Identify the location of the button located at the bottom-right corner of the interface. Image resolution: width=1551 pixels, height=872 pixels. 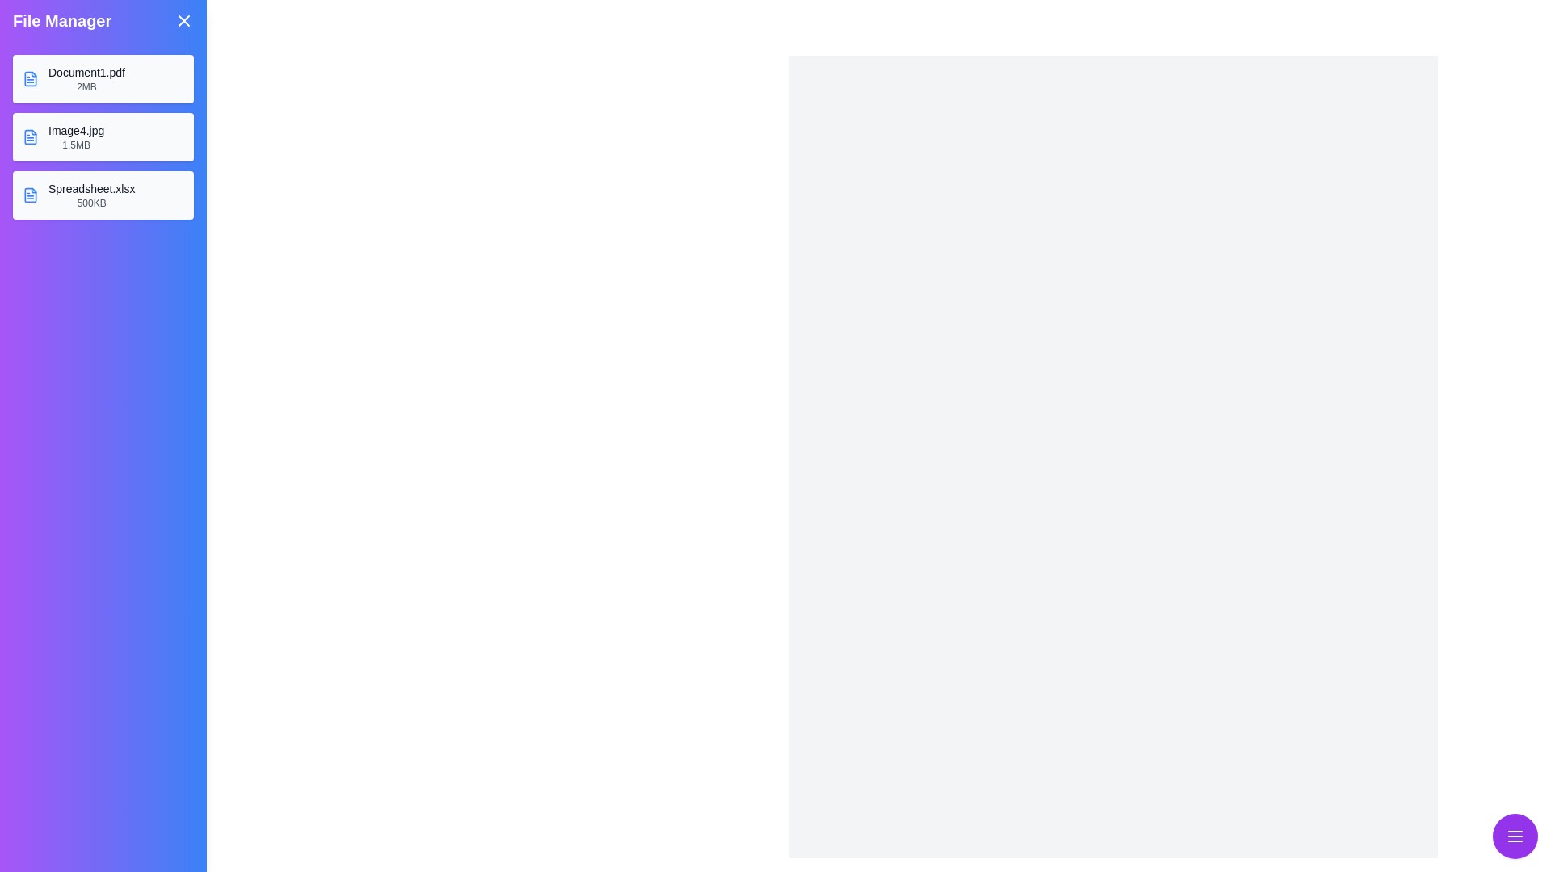
(1515, 836).